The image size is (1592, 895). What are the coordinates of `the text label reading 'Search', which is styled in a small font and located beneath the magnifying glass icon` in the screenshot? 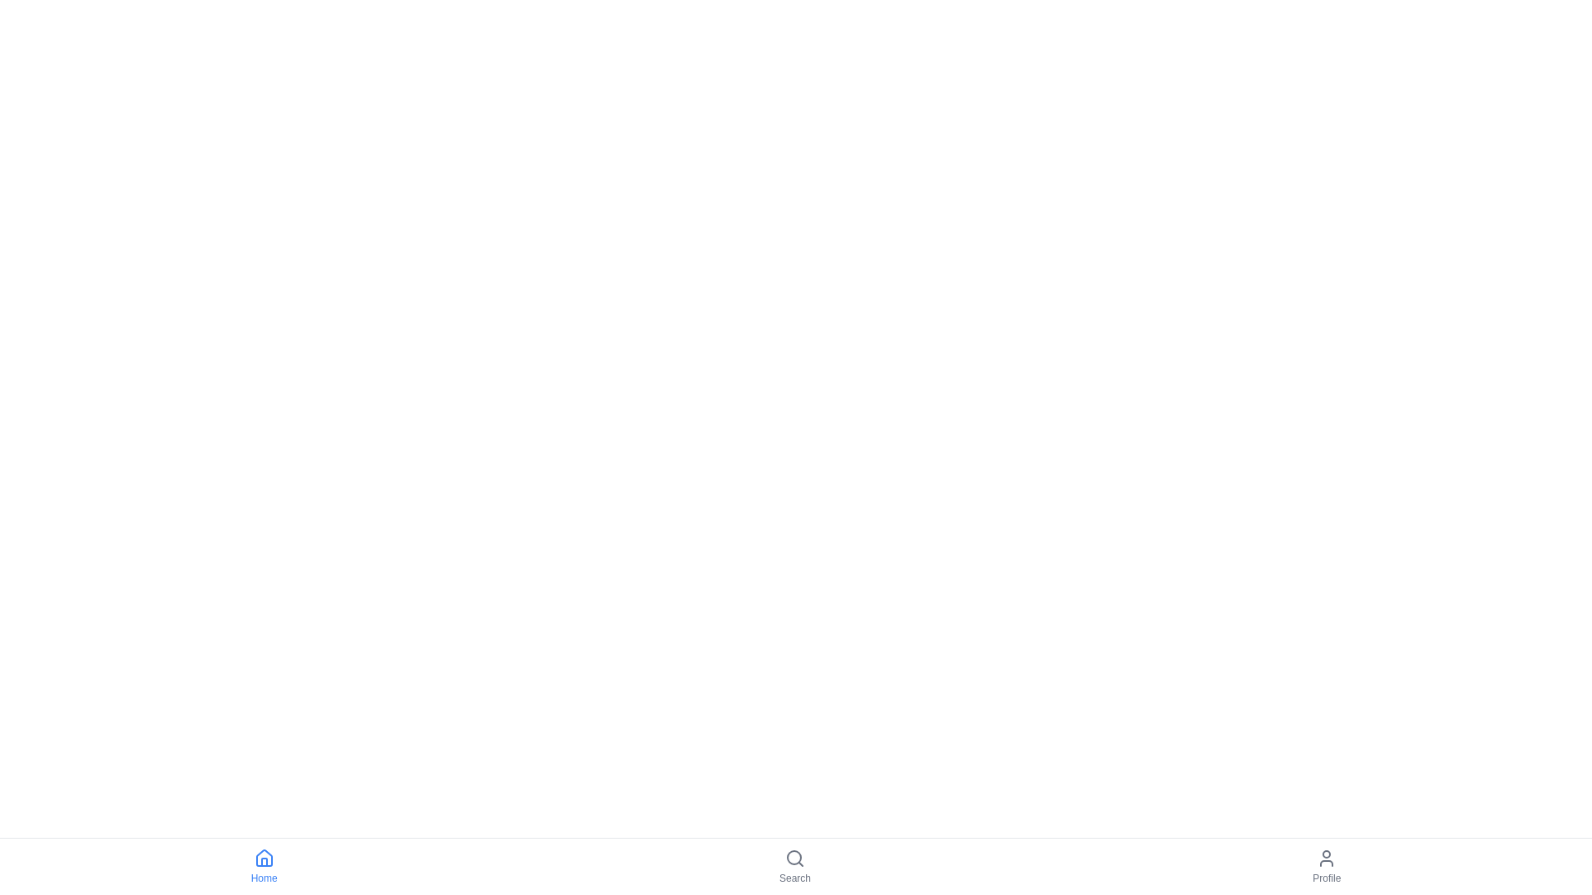 It's located at (794, 878).